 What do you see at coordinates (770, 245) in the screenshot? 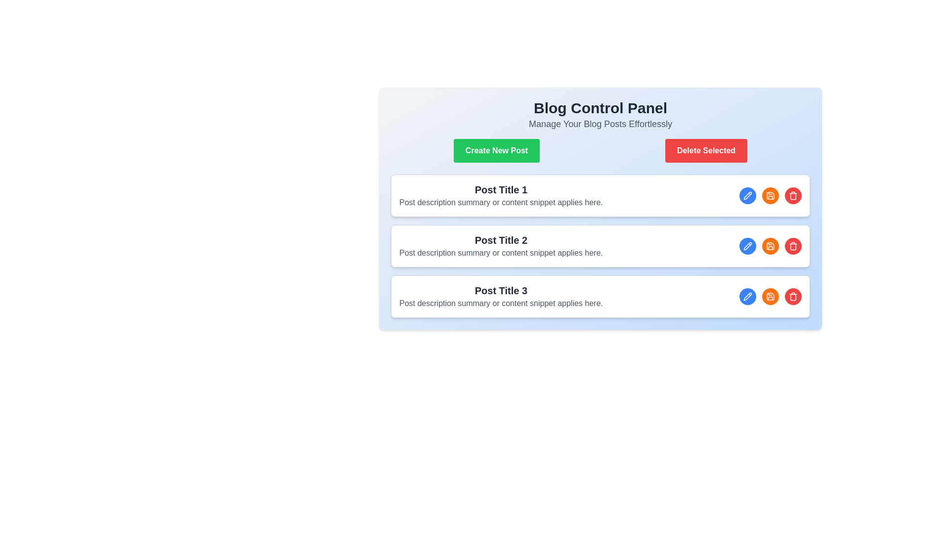
I see `the second button in the row associated with 'Post Title 2'` at bounding box center [770, 245].